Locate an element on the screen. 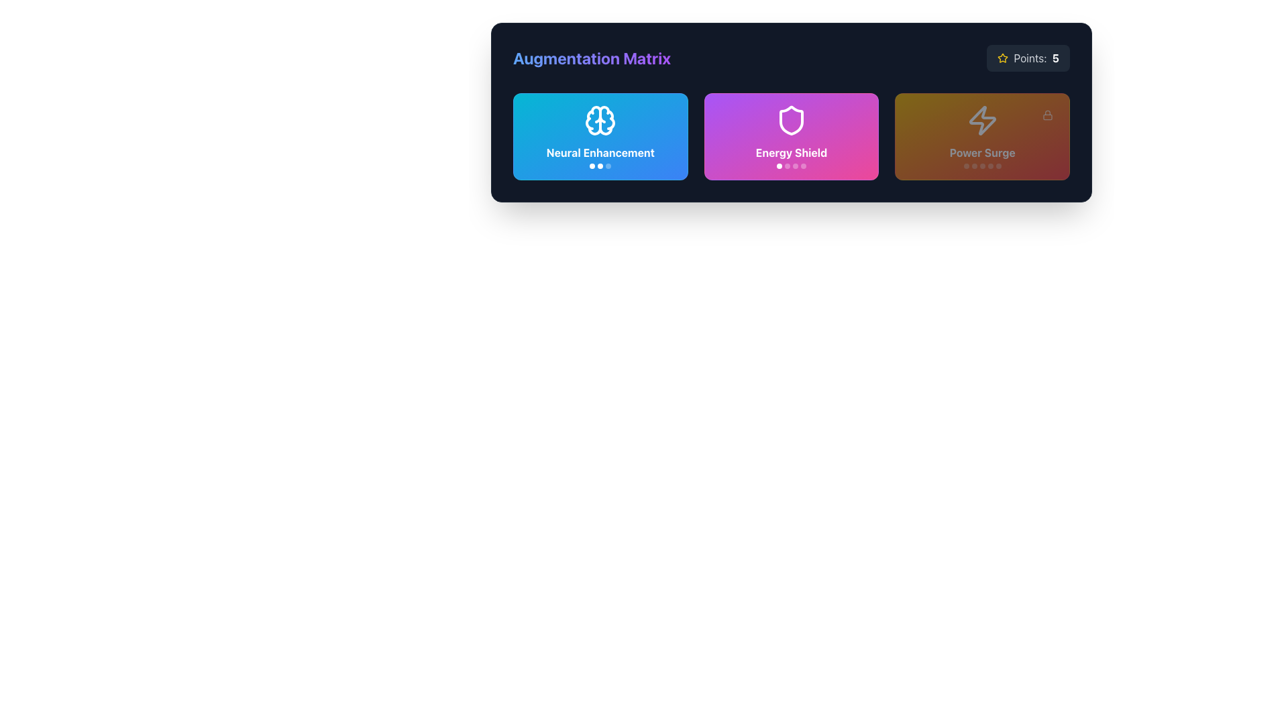 This screenshot has height=724, width=1288. the second pagination dot of the progress indicator located below the 'Neural Enhancement' text, which consists of a row of small circular dots with two solid white dots and one semi-transparent dot is located at coordinates (600, 165).